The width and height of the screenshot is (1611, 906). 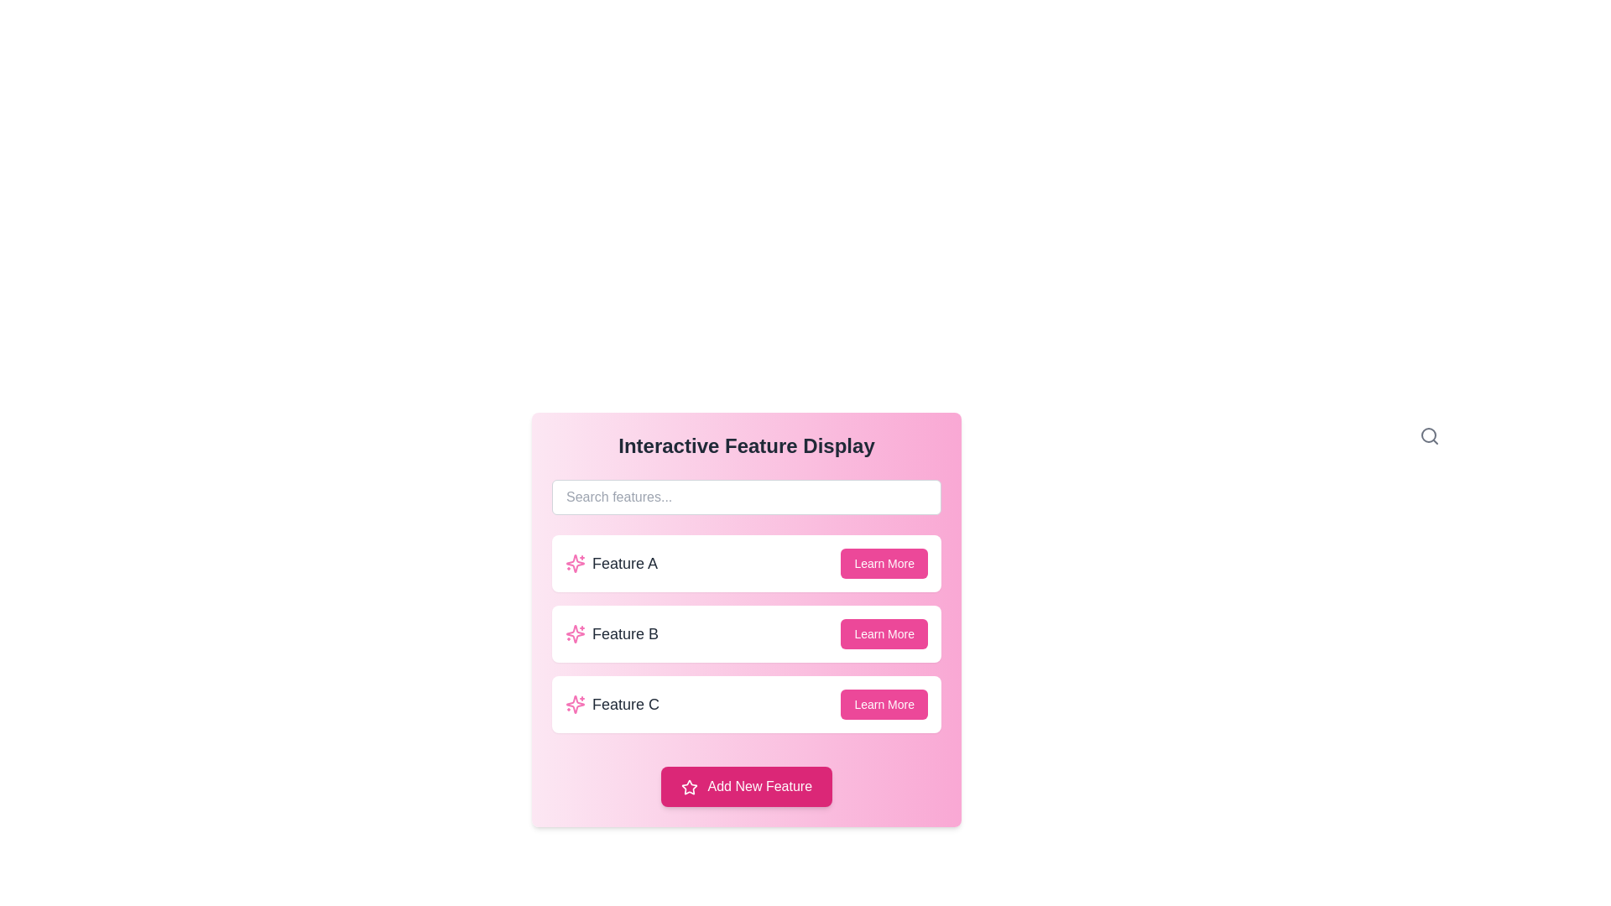 I want to click on the second item in the vertically stacked list of interactive features, which allows users, so click(x=745, y=634).